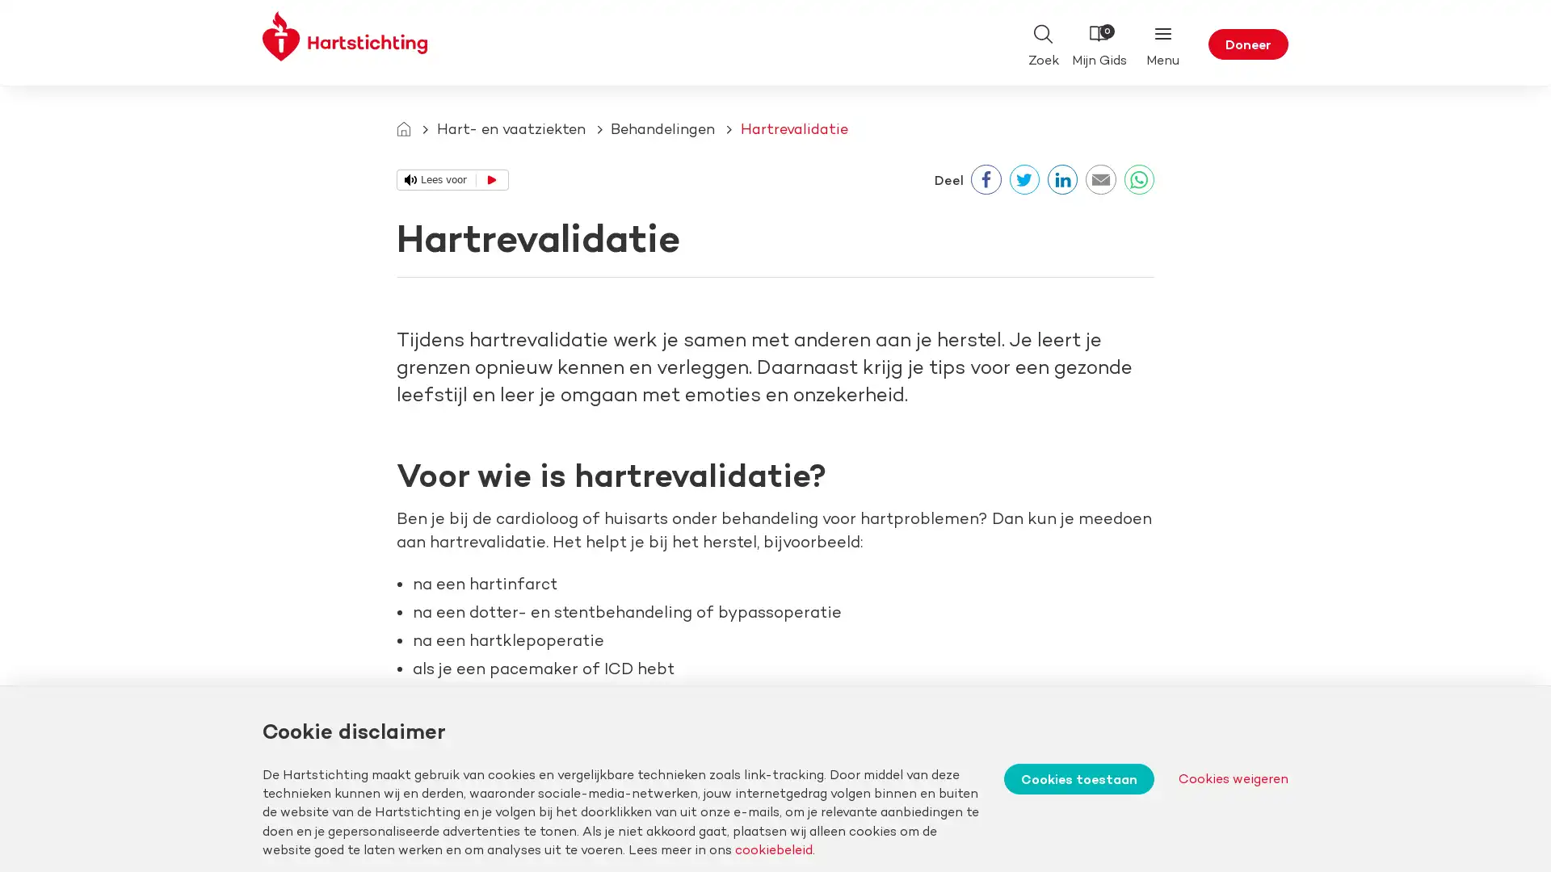 The width and height of the screenshot is (1551, 872). Describe the element at coordinates (452, 179) in the screenshot. I see `Lees voor` at that location.